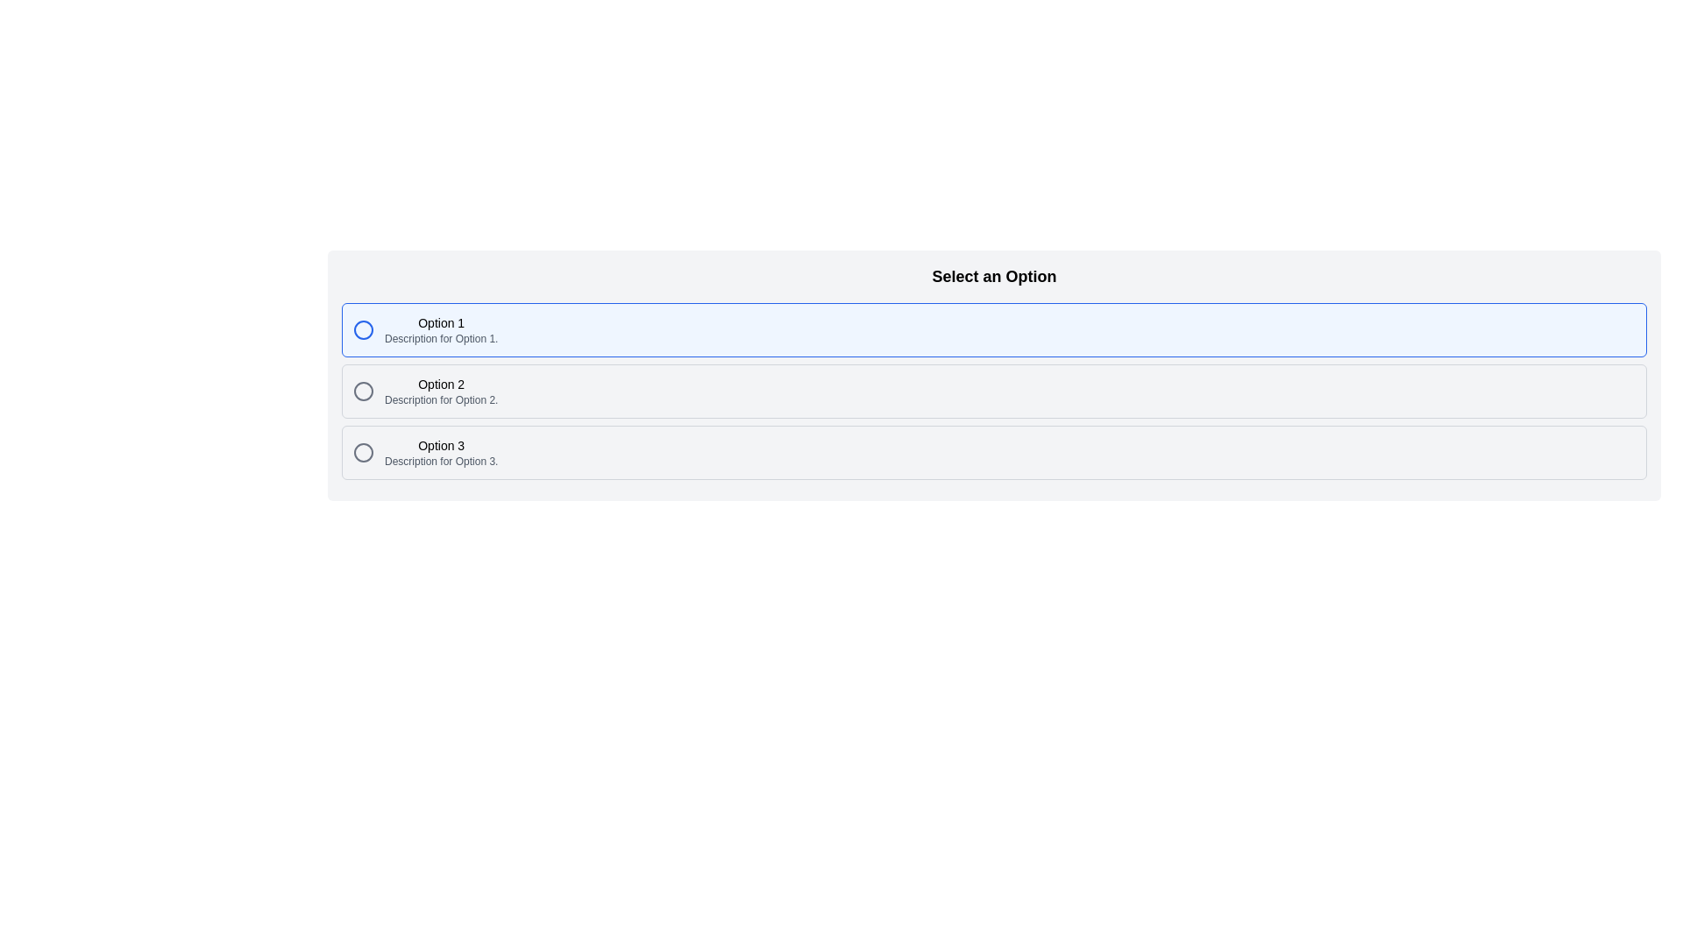 Image resolution: width=1683 pixels, height=946 pixels. I want to click on the gray circular radio button icon located to the left of 'Option 2', so click(362, 391).